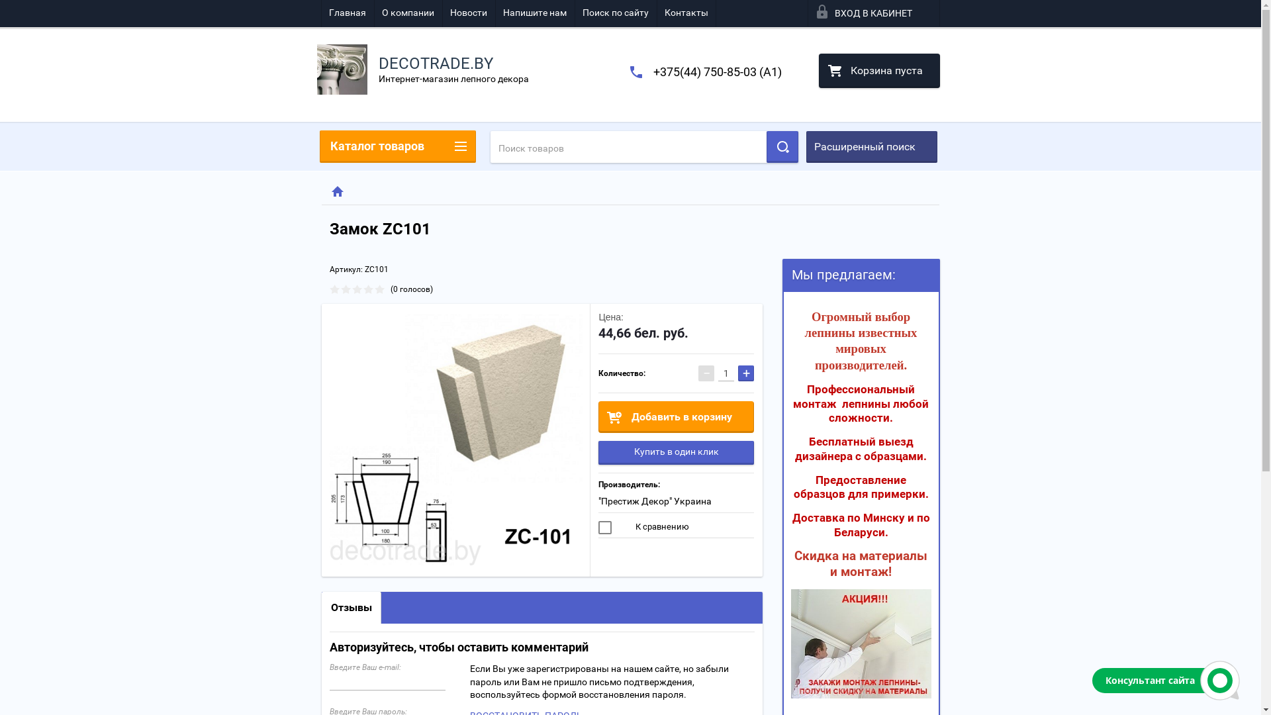 This screenshot has height=715, width=1271. What do you see at coordinates (737, 373) in the screenshot?
I see `'+'` at bounding box center [737, 373].